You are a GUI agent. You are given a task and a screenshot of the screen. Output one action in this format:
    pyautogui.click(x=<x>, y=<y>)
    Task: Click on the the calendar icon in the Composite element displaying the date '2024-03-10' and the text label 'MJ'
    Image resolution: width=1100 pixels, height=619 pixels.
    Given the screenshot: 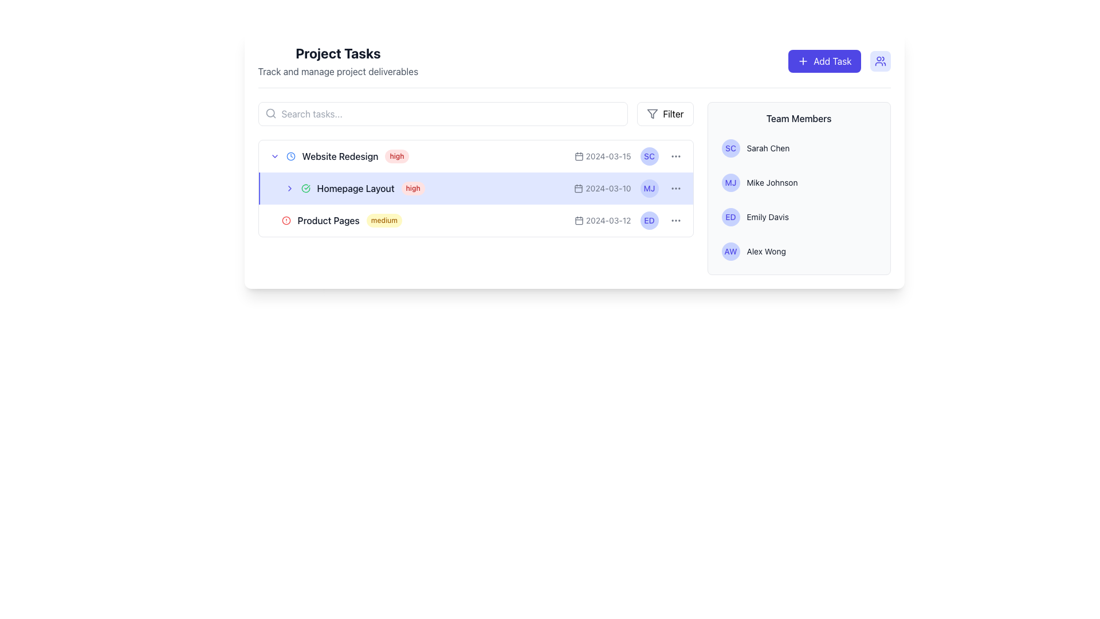 What is the action you would take?
    pyautogui.click(x=628, y=187)
    